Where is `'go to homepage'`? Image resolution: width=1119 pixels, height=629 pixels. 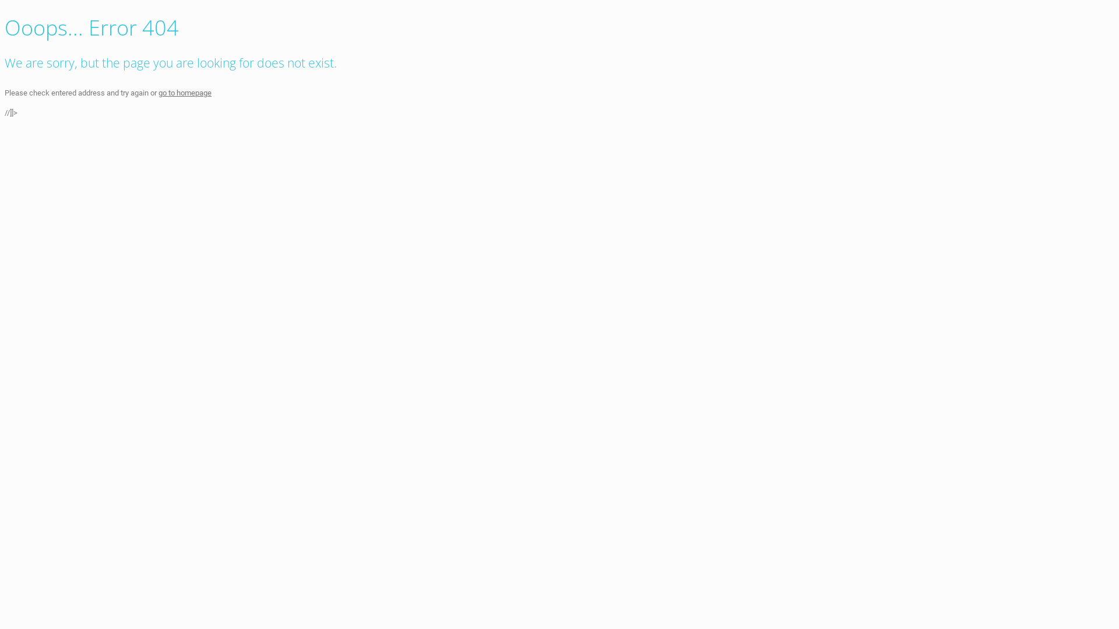 'go to homepage' is located at coordinates (184, 92).